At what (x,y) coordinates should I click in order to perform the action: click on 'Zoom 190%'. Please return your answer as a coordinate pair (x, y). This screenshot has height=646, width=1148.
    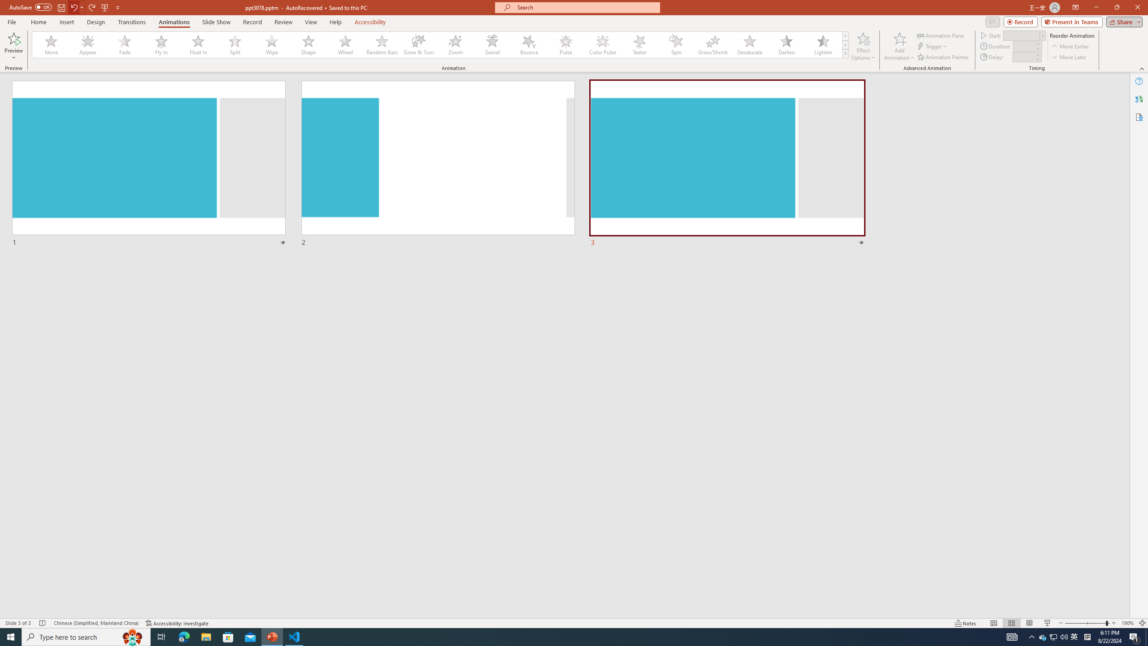
    Looking at the image, I should click on (1128, 623).